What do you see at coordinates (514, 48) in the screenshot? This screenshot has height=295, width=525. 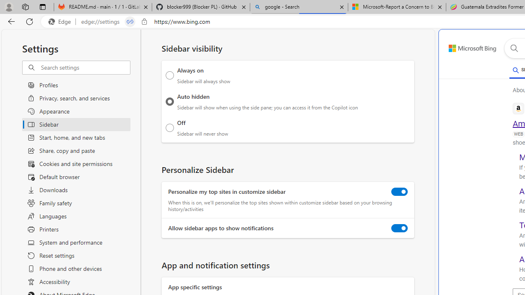 I see `'Search button'` at bounding box center [514, 48].